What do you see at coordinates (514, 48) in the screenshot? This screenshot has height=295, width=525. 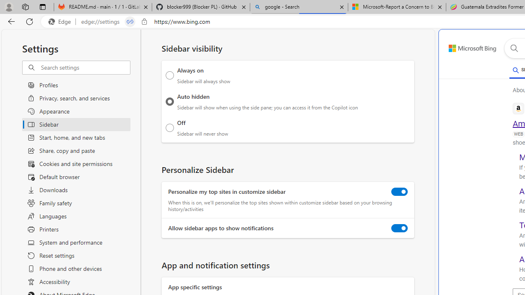 I see `'Search button'` at bounding box center [514, 48].